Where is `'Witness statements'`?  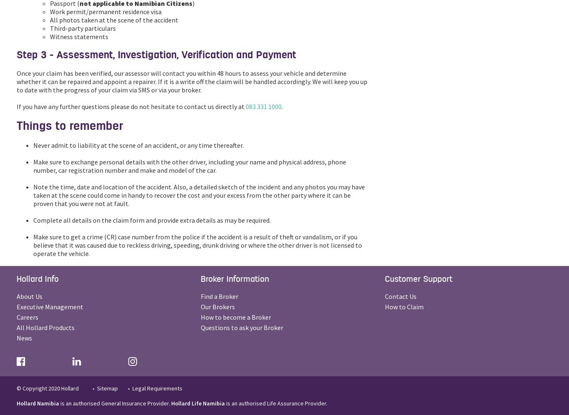
'Witness statements' is located at coordinates (49, 36).